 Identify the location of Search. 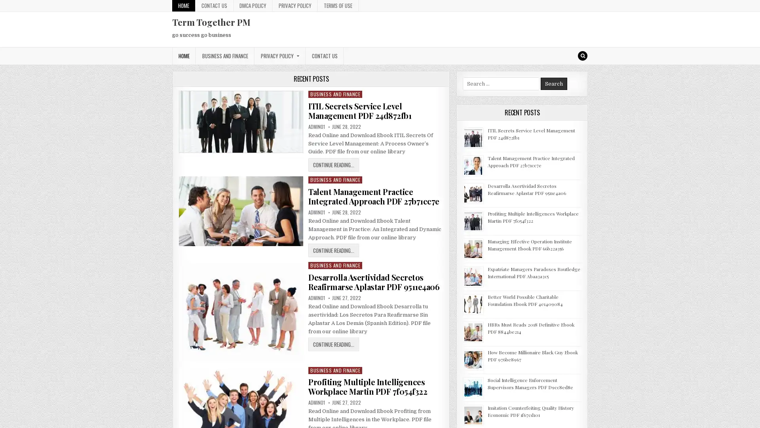
(553, 84).